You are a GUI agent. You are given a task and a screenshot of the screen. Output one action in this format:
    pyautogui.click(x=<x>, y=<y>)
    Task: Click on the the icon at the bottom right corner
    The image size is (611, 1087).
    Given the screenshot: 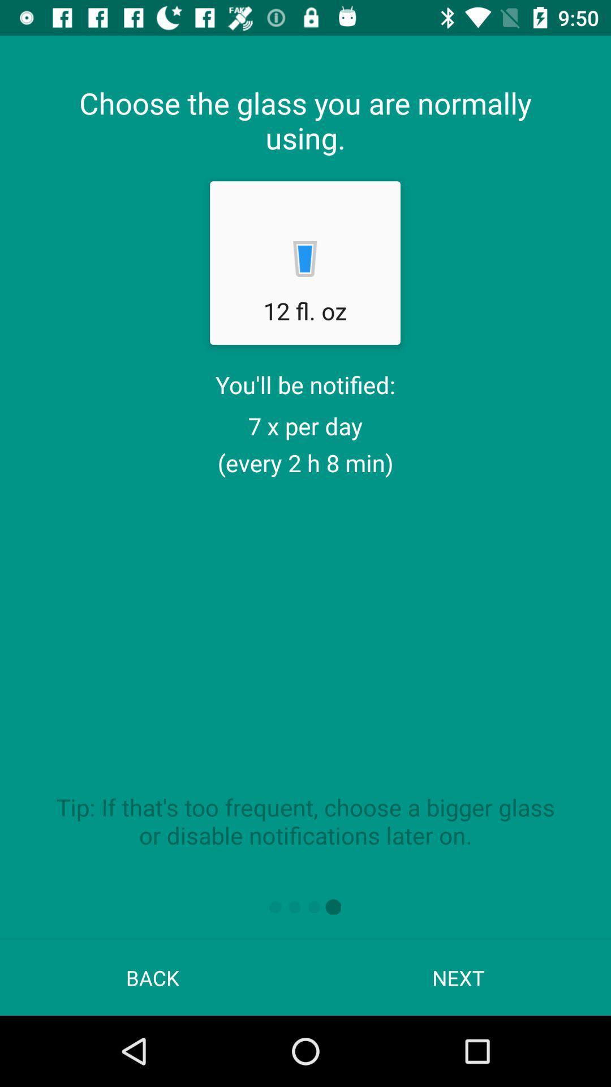 What is the action you would take?
    pyautogui.click(x=458, y=977)
    